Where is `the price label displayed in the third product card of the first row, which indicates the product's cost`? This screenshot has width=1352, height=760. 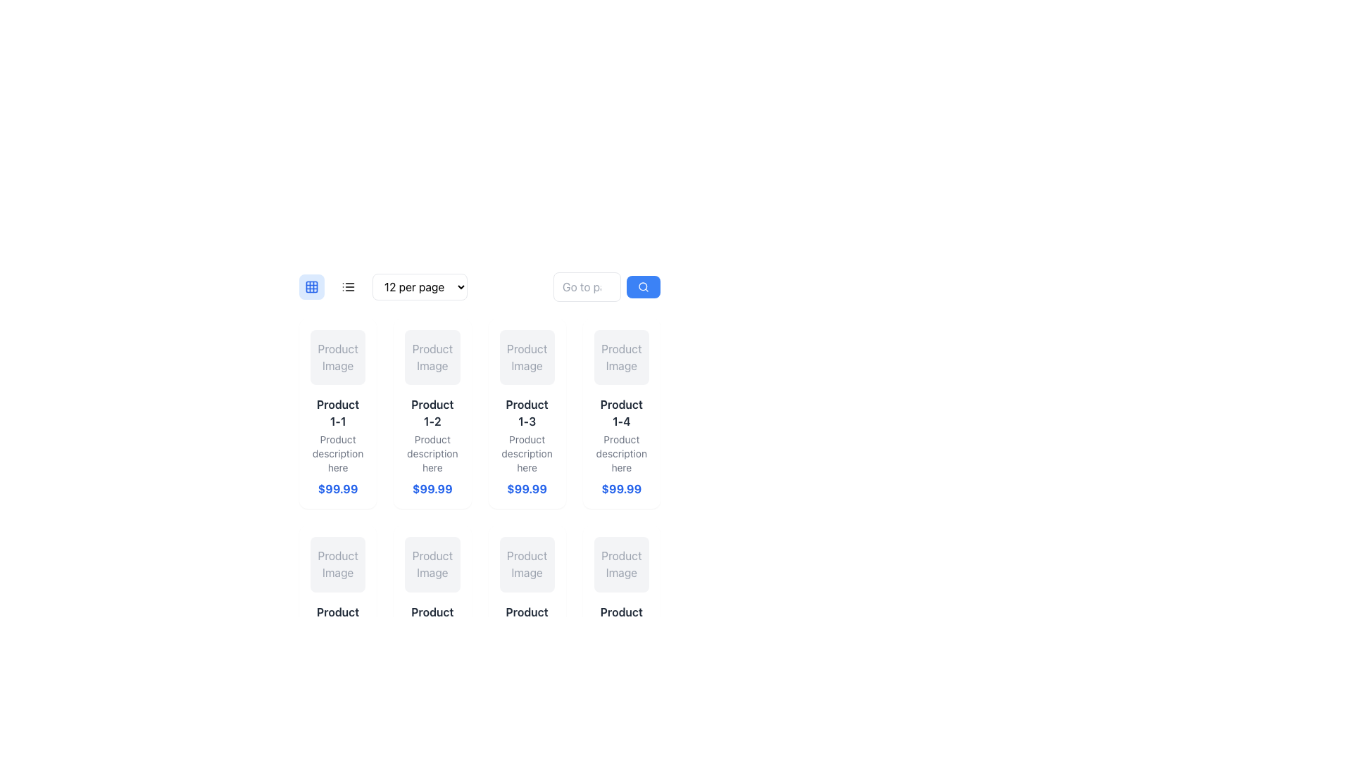 the price label displayed in the third product card of the first row, which indicates the product's cost is located at coordinates (526, 488).